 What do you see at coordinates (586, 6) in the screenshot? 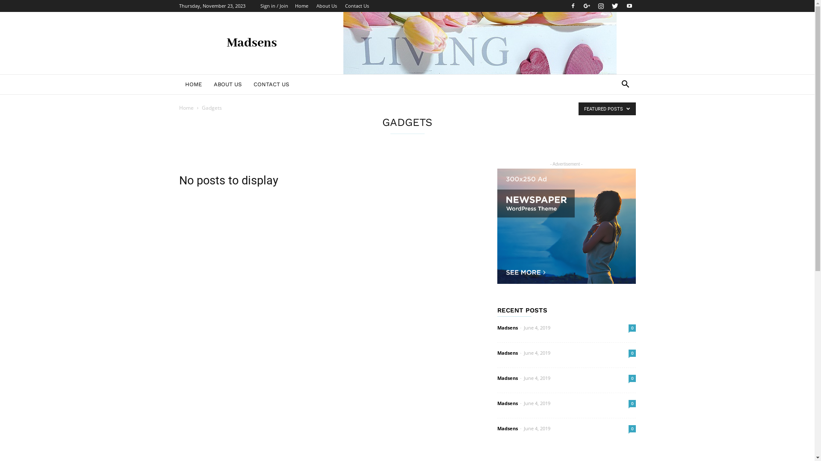
I see `'Google+'` at bounding box center [586, 6].